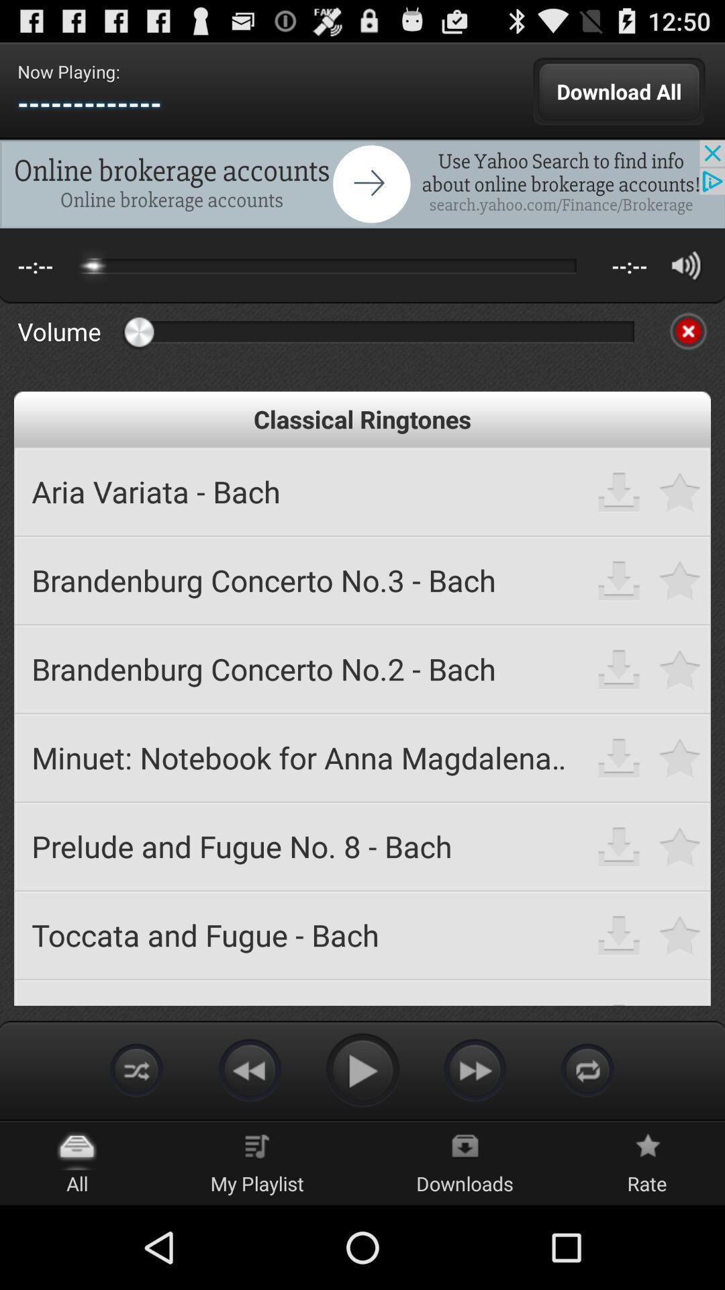 Image resolution: width=725 pixels, height=1290 pixels. Describe the element at coordinates (619, 580) in the screenshot. I see `download file` at that location.